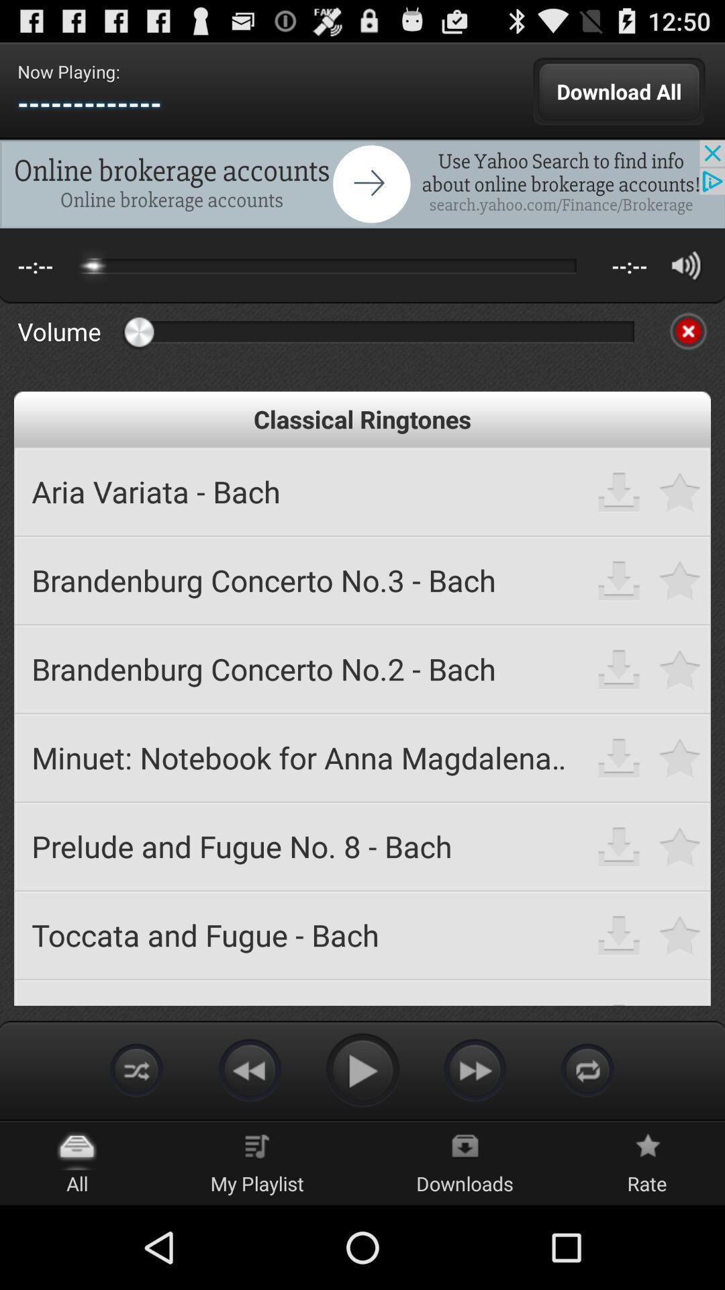 Image resolution: width=725 pixels, height=1290 pixels. Describe the element at coordinates (619, 580) in the screenshot. I see `download file` at that location.